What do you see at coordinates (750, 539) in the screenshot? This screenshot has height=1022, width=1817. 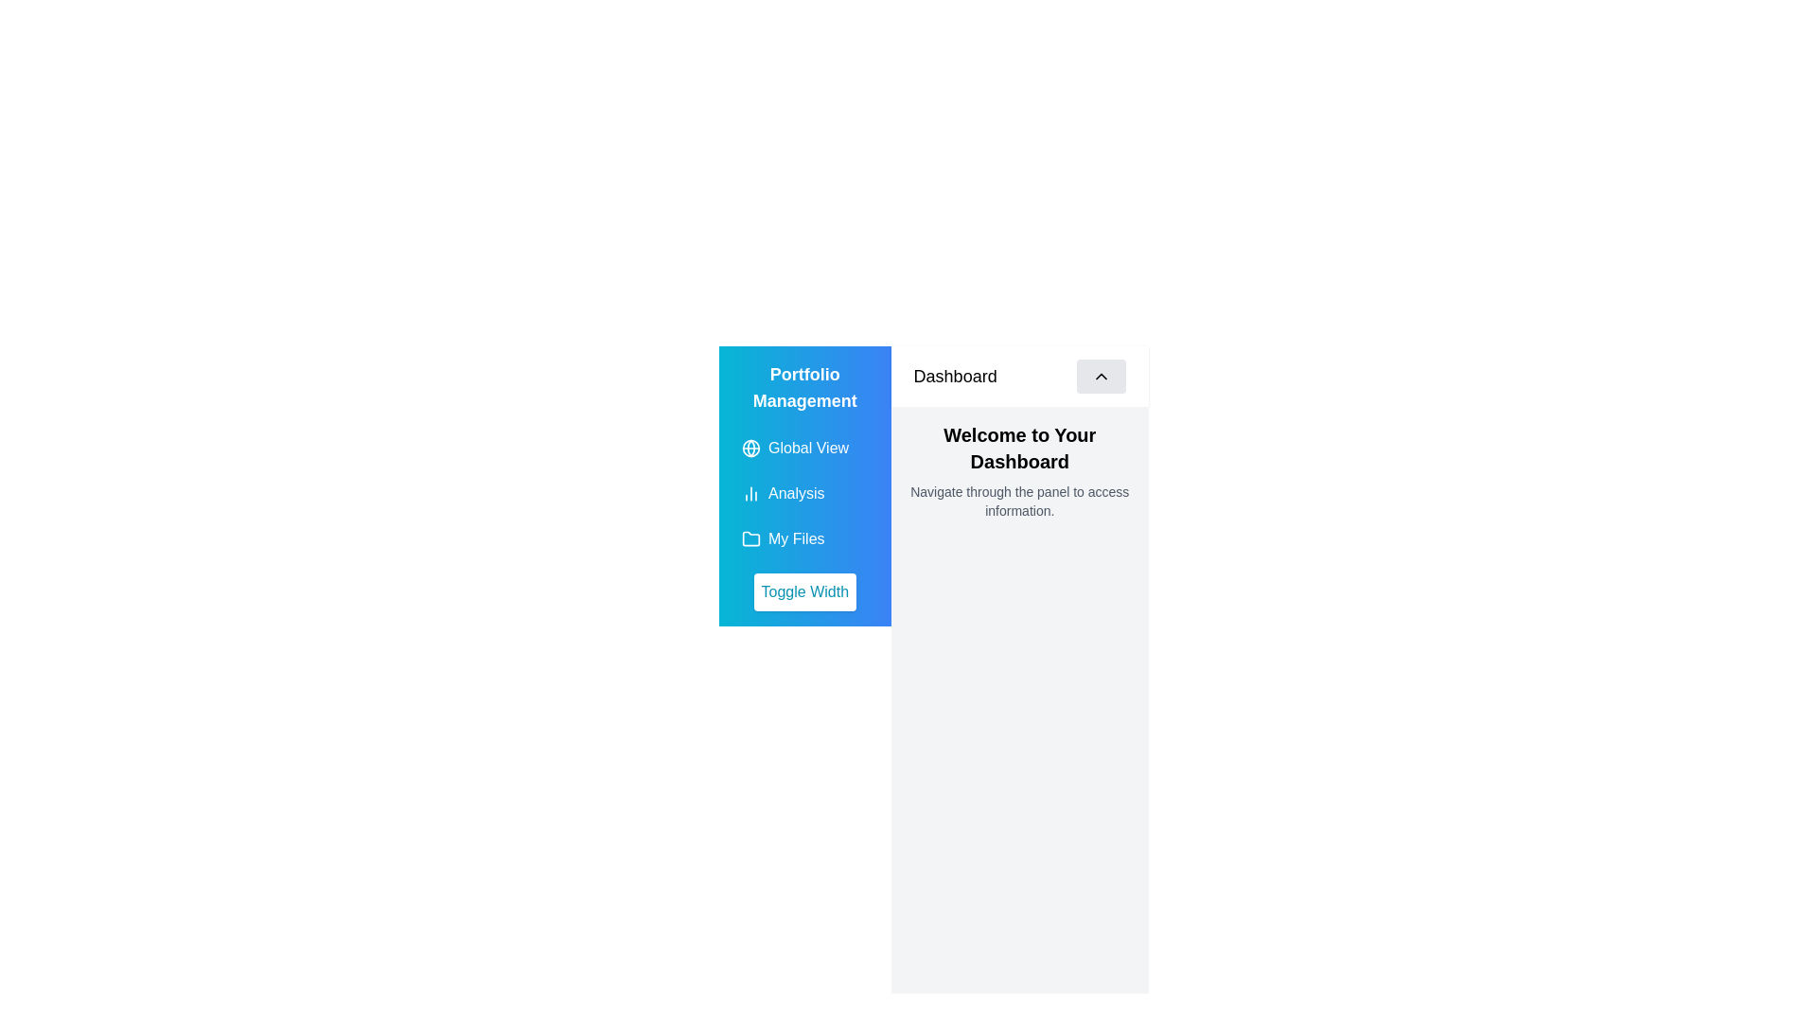 I see `the 'My Files' icon, which is located in the sidebar, adjacent to the text 'My Files', just below the 'Analysis' option` at bounding box center [750, 539].